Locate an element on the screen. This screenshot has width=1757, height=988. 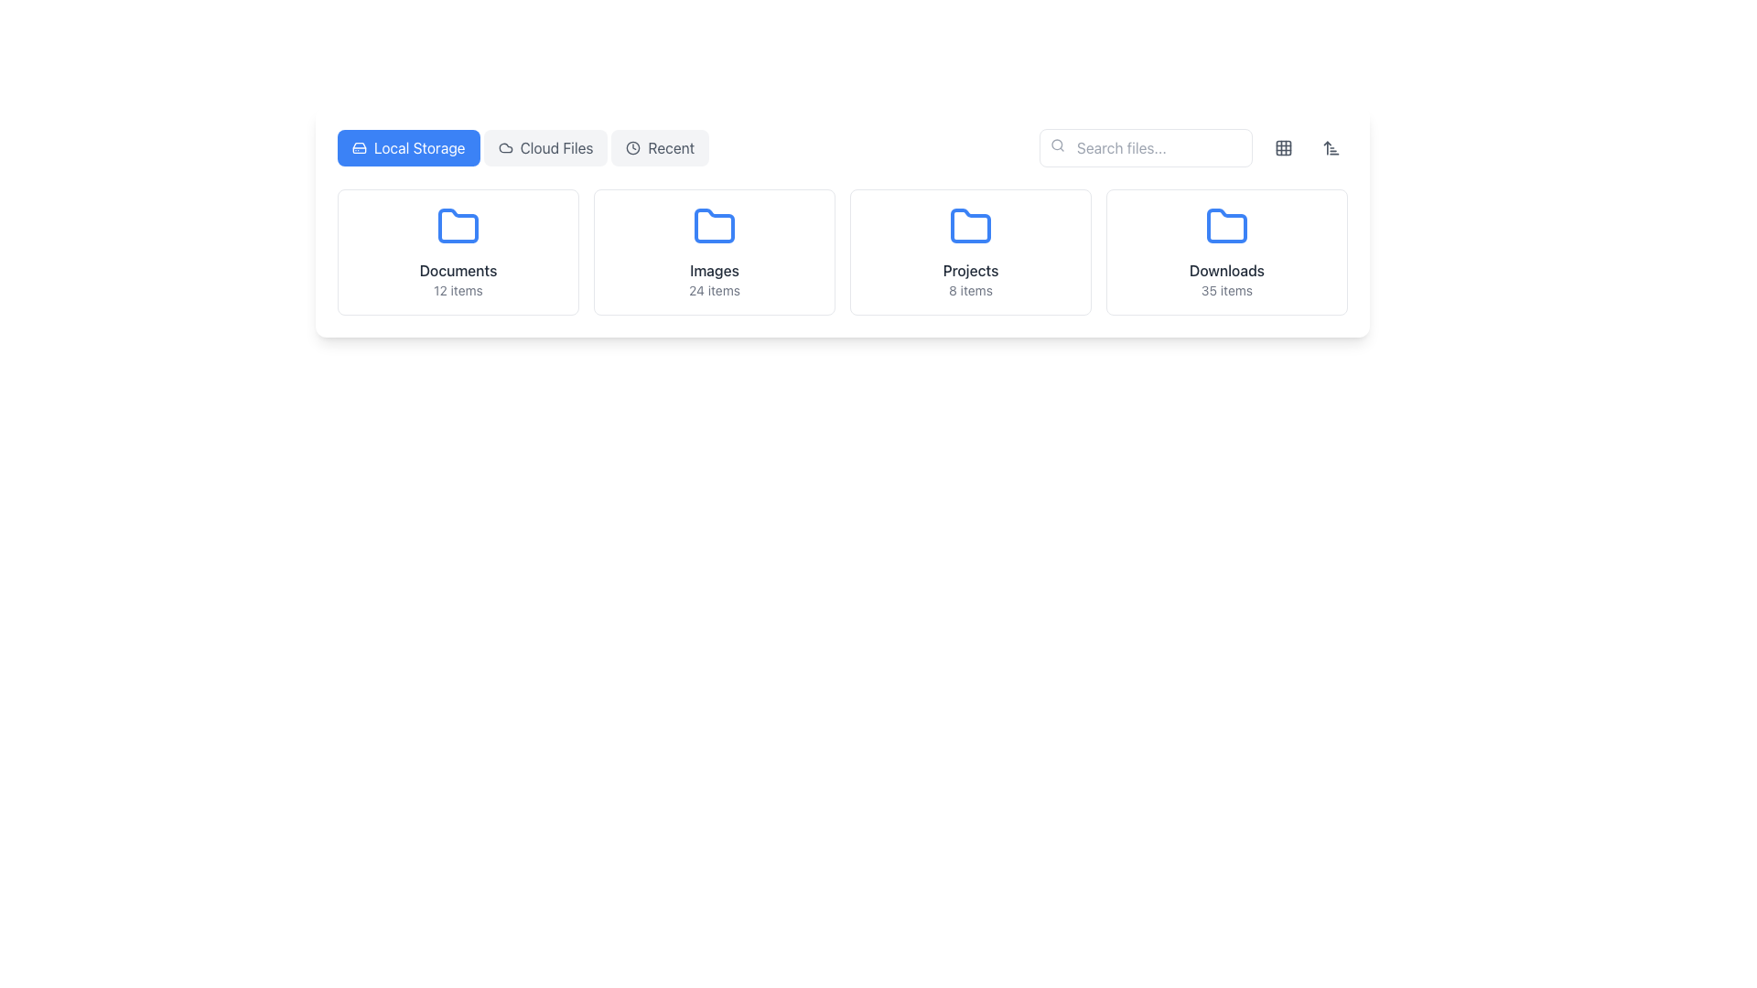
the Text label that displays the name and number of items in a folder, located at the bottom portion of a card in the first column, directly below a folder icon is located at coordinates (458, 279).